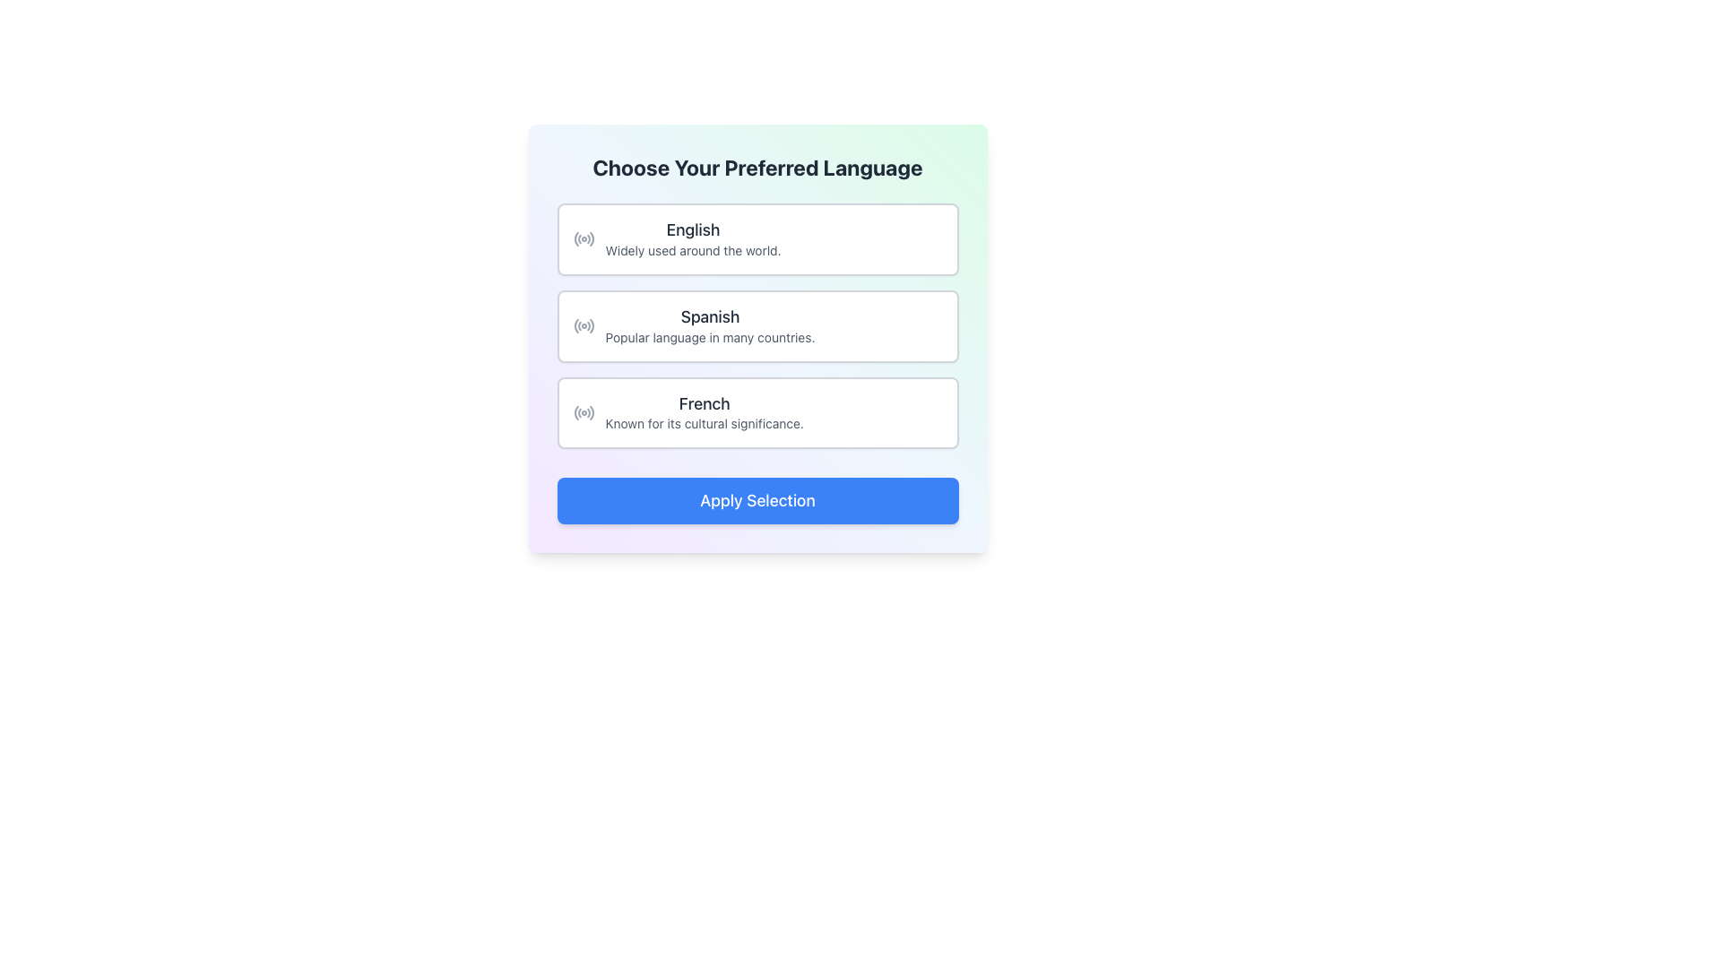 This screenshot has height=968, width=1721. Describe the element at coordinates (704, 403) in the screenshot. I see `the text label element displaying 'French', which is styled with a larger font size and bold lettering, located above the subtitle 'Known for its cultural significance'` at that location.